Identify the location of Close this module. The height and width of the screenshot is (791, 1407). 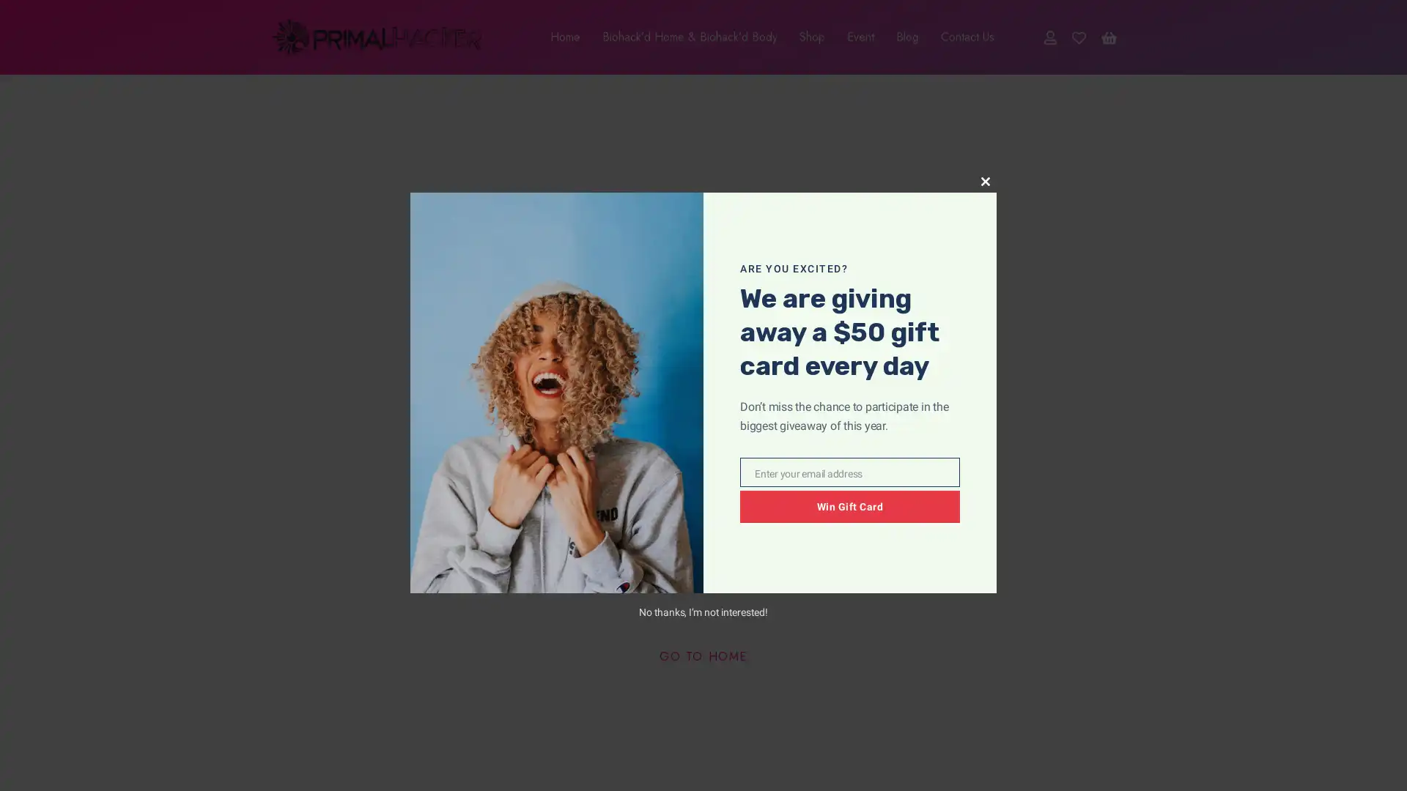
(985, 180).